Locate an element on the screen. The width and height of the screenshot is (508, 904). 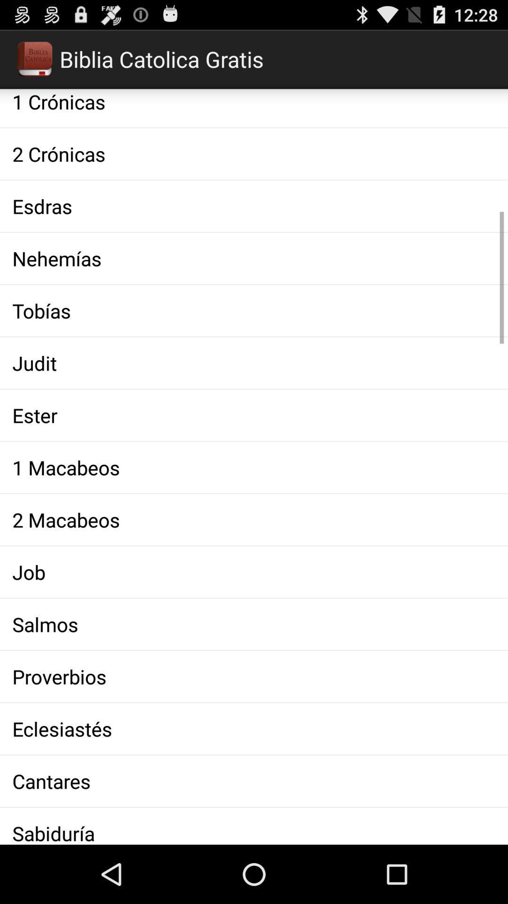
the app above the cantares app is located at coordinates (254, 728).